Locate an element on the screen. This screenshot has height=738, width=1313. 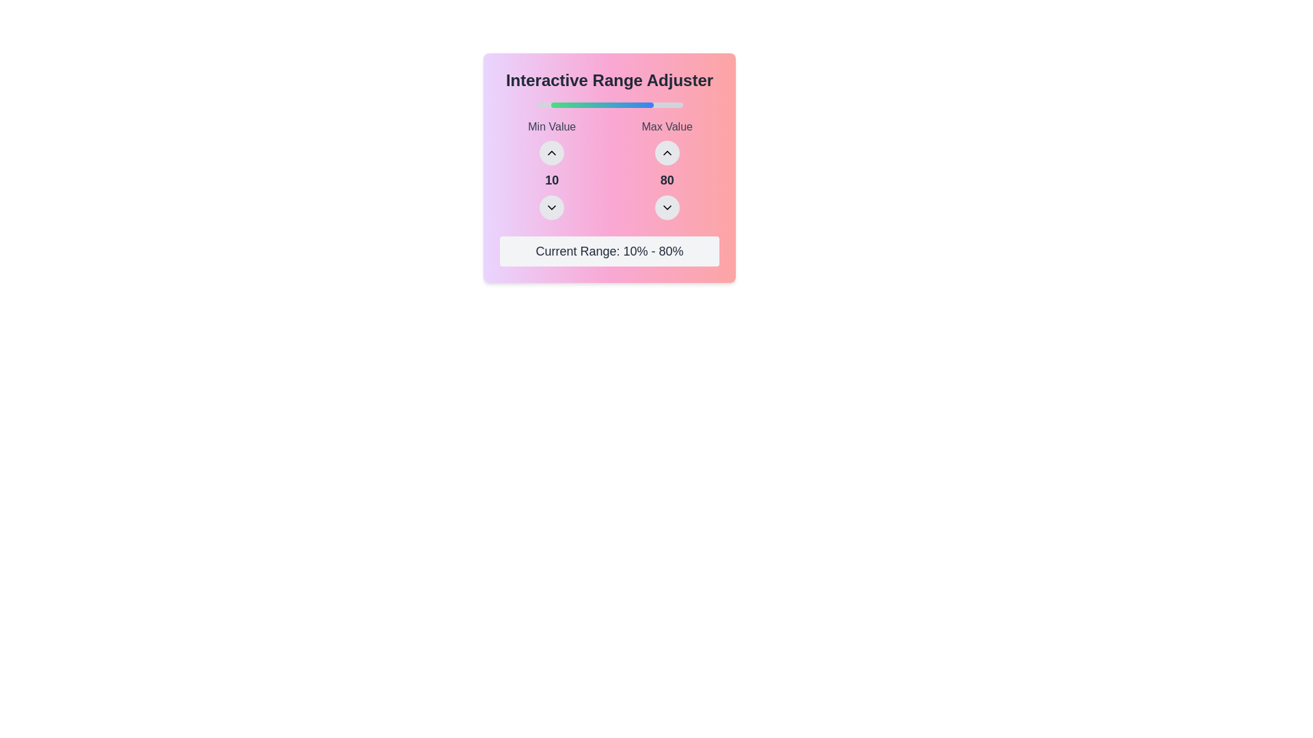
the downward-pointing chevron icon button, which is part of the 'Max Value' control in the 'Interactive Range Adjuster' panel is located at coordinates (667, 208).